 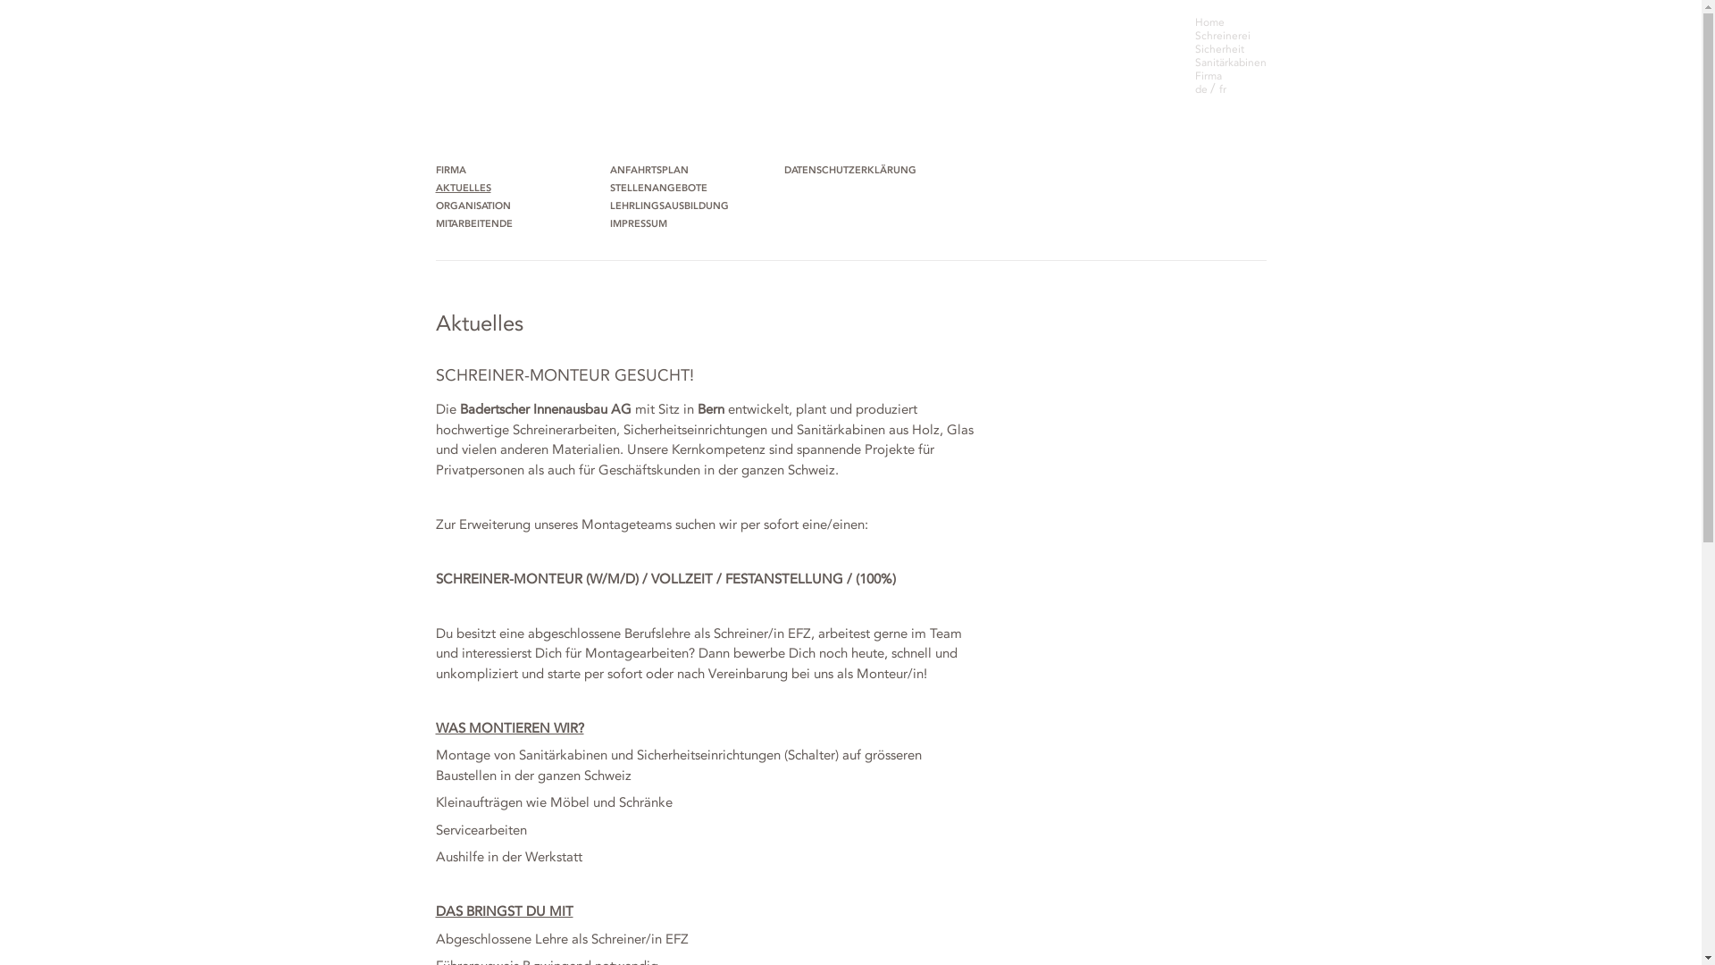 What do you see at coordinates (1195, 35) in the screenshot?
I see `'Schreinerei'` at bounding box center [1195, 35].